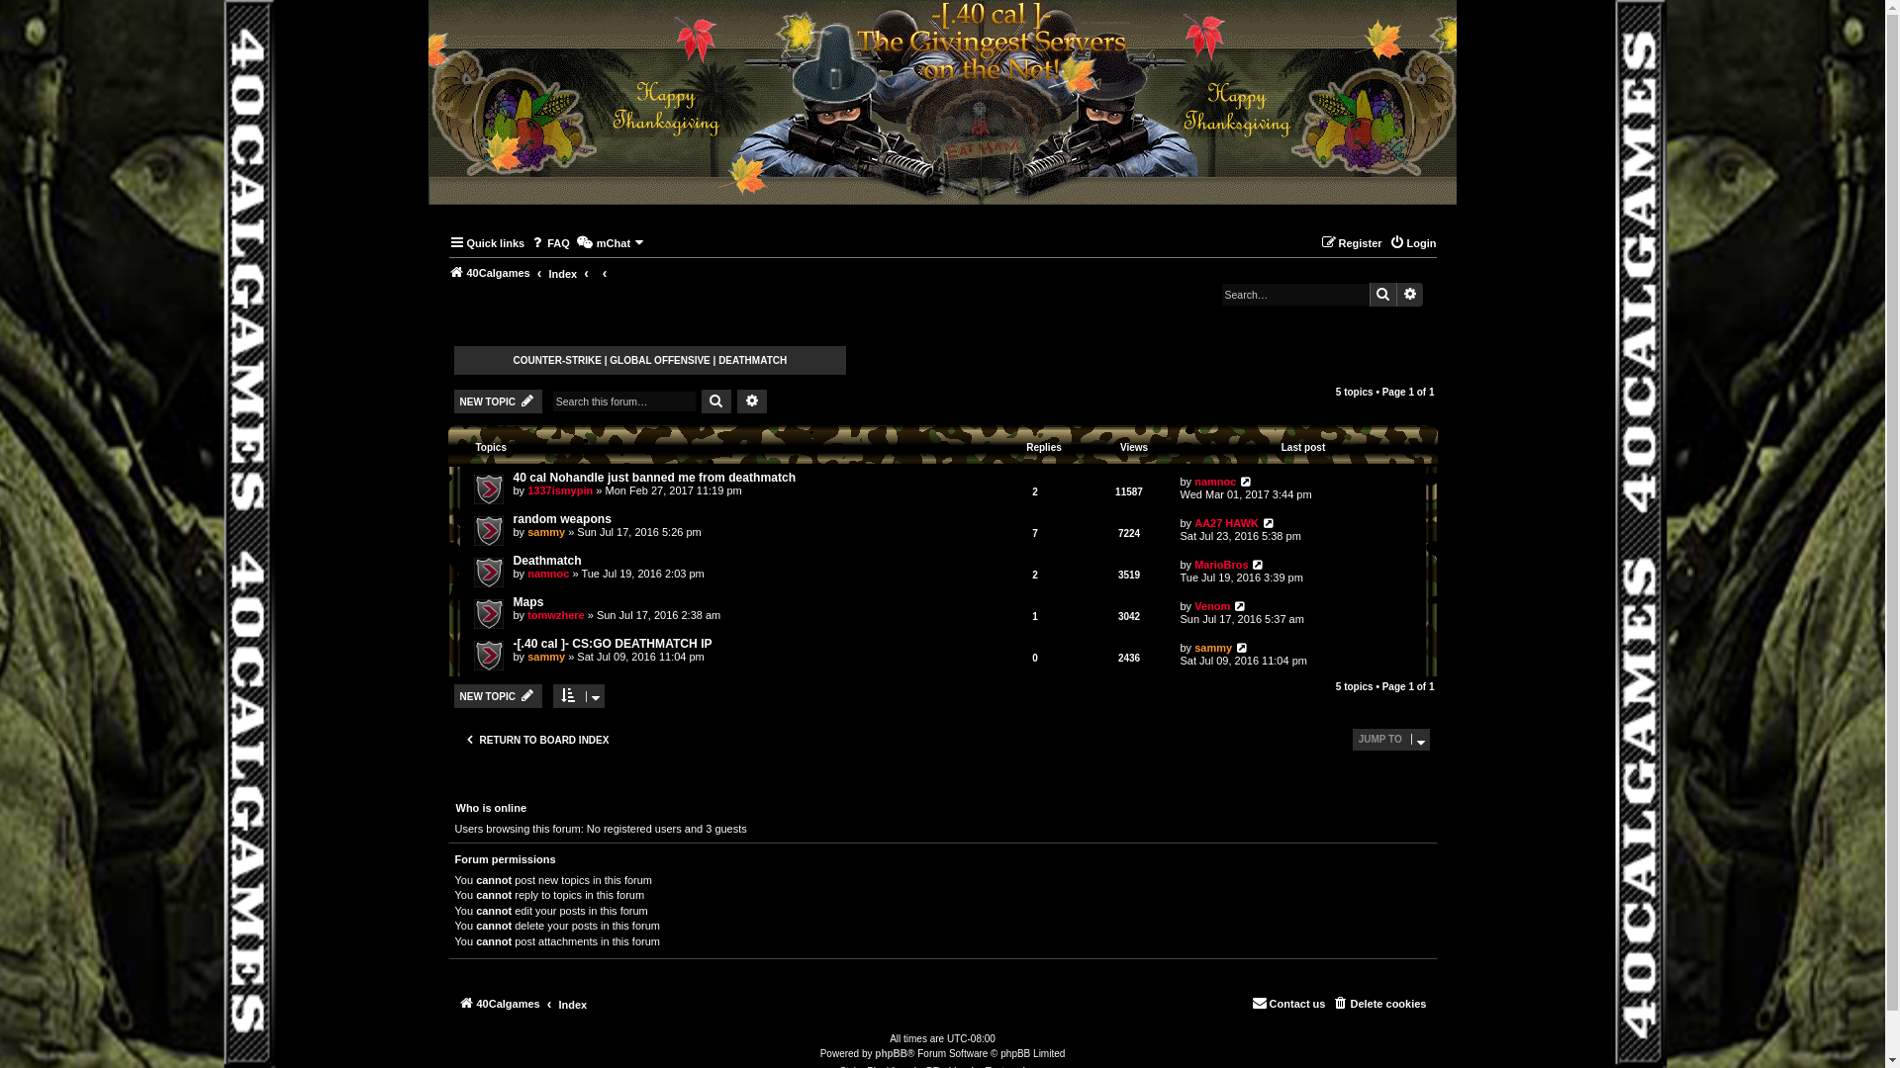 This screenshot has height=1068, width=1900. Describe the element at coordinates (1192, 521) in the screenshot. I see `'AA27 HAWK'` at that location.